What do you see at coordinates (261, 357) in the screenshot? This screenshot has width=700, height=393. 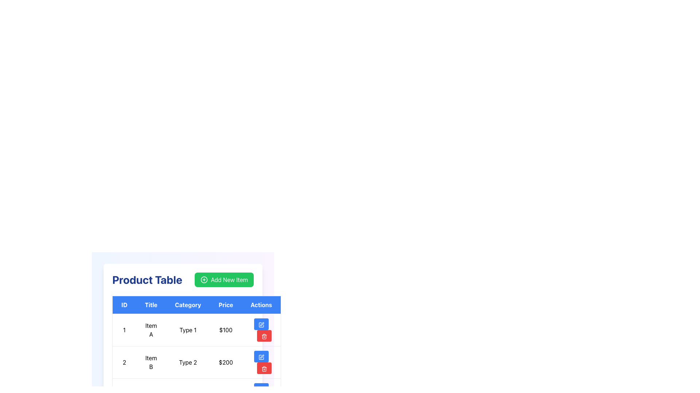 I see `the blue icon in the second row of the 'Actions' column in the data table` at bounding box center [261, 357].